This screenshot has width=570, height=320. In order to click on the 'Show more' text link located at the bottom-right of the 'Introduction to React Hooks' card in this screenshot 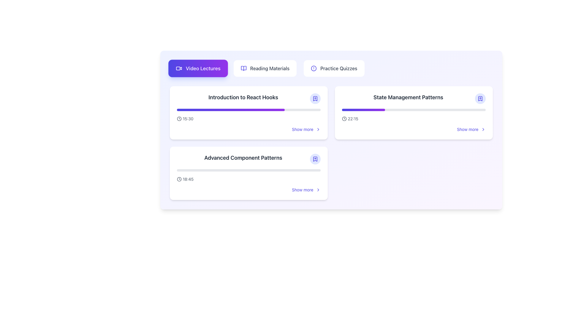, I will do `click(303, 129)`.